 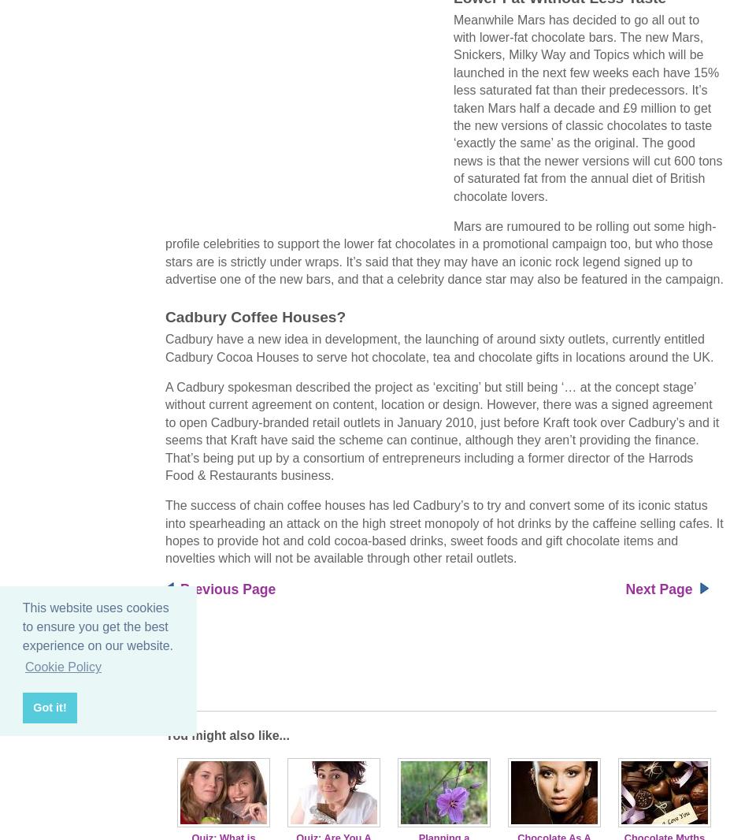 What do you see at coordinates (97, 626) in the screenshot?
I see `'This website uses cookies to ensure you get the best experience on our website.'` at bounding box center [97, 626].